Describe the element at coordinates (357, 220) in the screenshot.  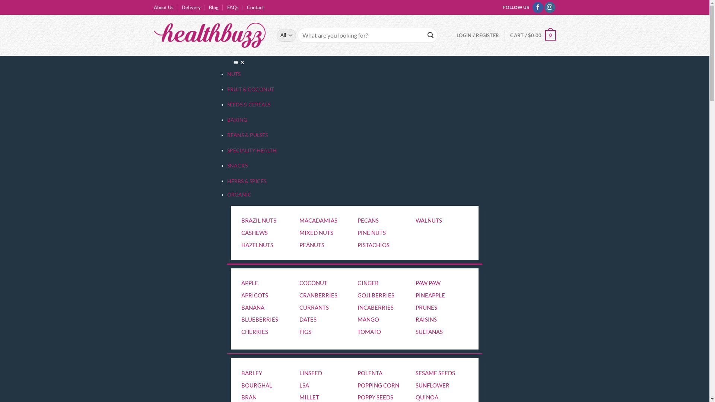
I see `'PECANS'` at that location.